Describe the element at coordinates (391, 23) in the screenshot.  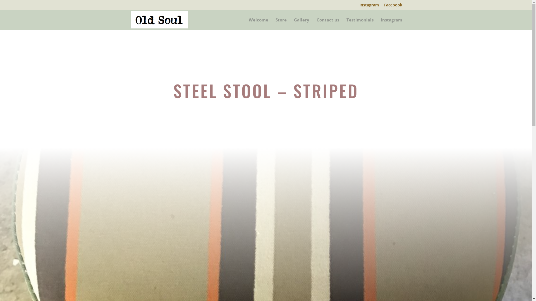
I see `'Instagram'` at that location.